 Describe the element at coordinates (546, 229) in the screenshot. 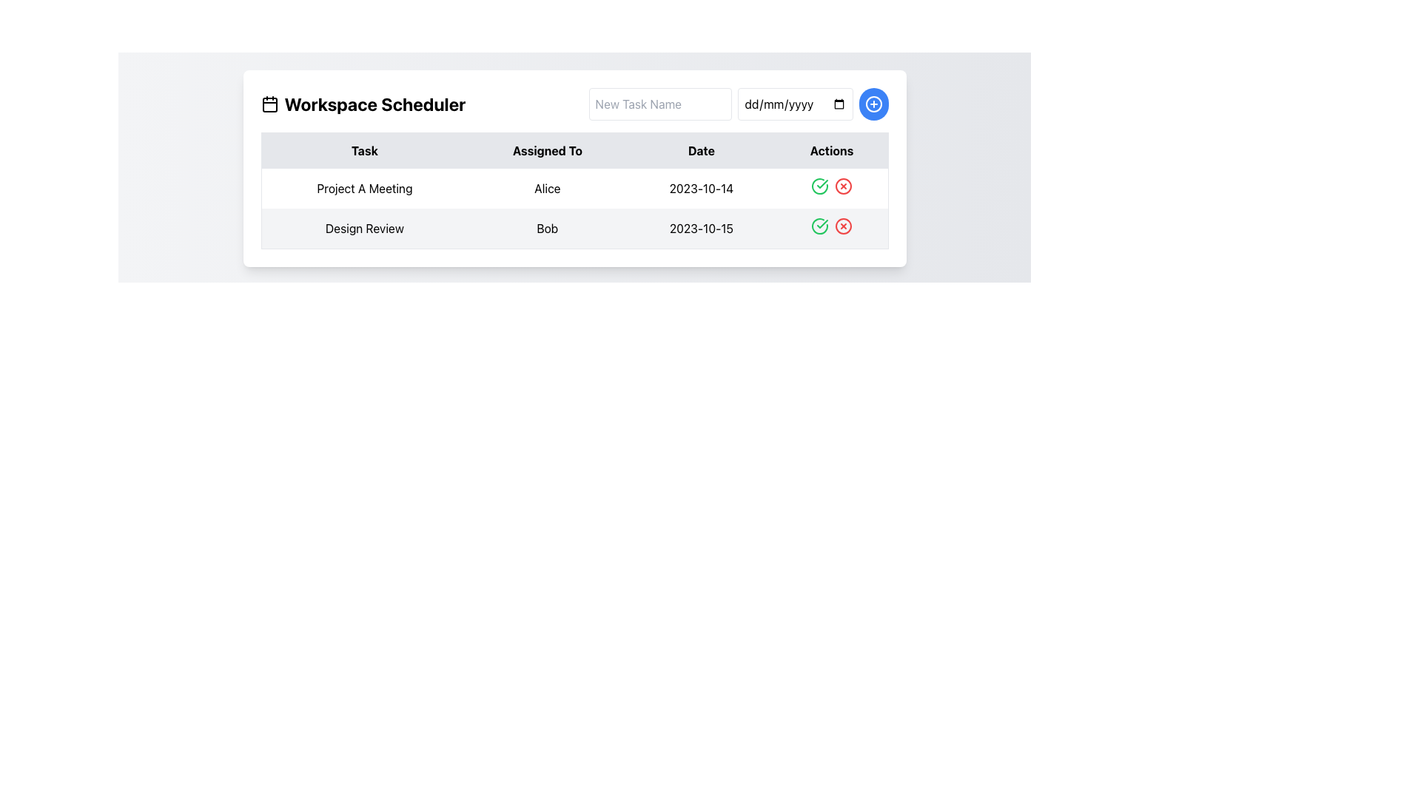

I see `the assignee's name in the second row of the 'Assigned To' column in the 'Workspace Scheduler' table` at that location.